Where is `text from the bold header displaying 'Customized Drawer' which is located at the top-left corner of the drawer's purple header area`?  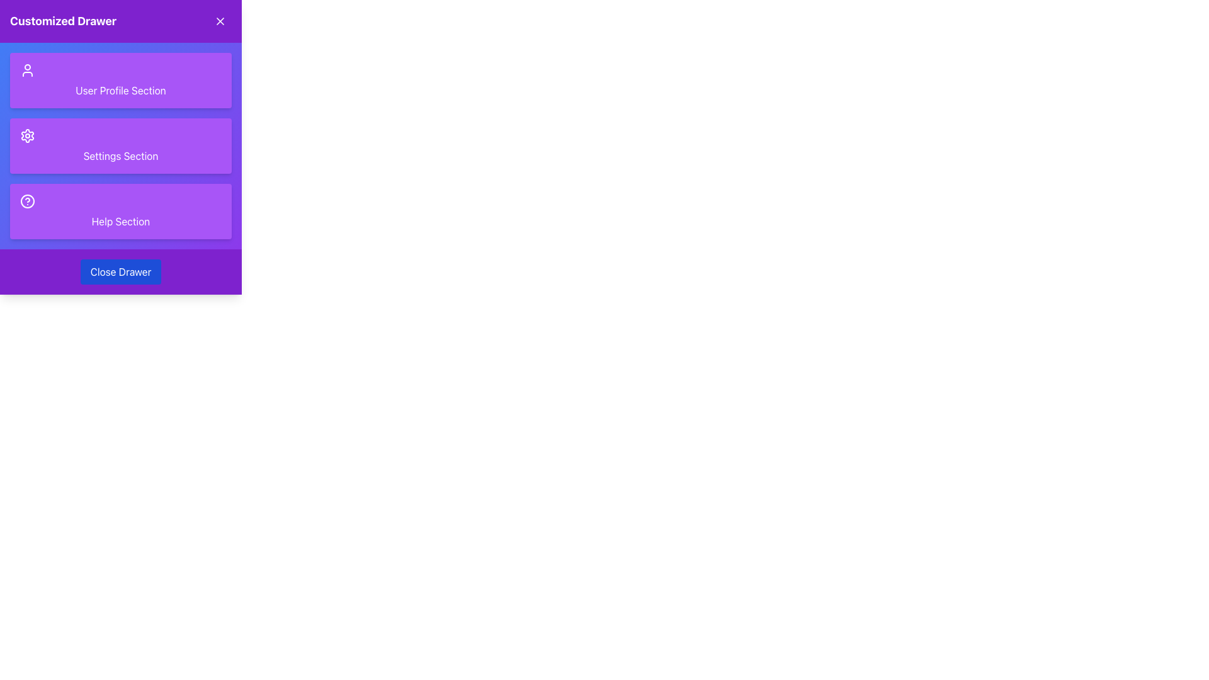 text from the bold header displaying 'Customized Drawer' which is located at the top-left corner of the drawer's purple header area is located at coordinates (62, 21).